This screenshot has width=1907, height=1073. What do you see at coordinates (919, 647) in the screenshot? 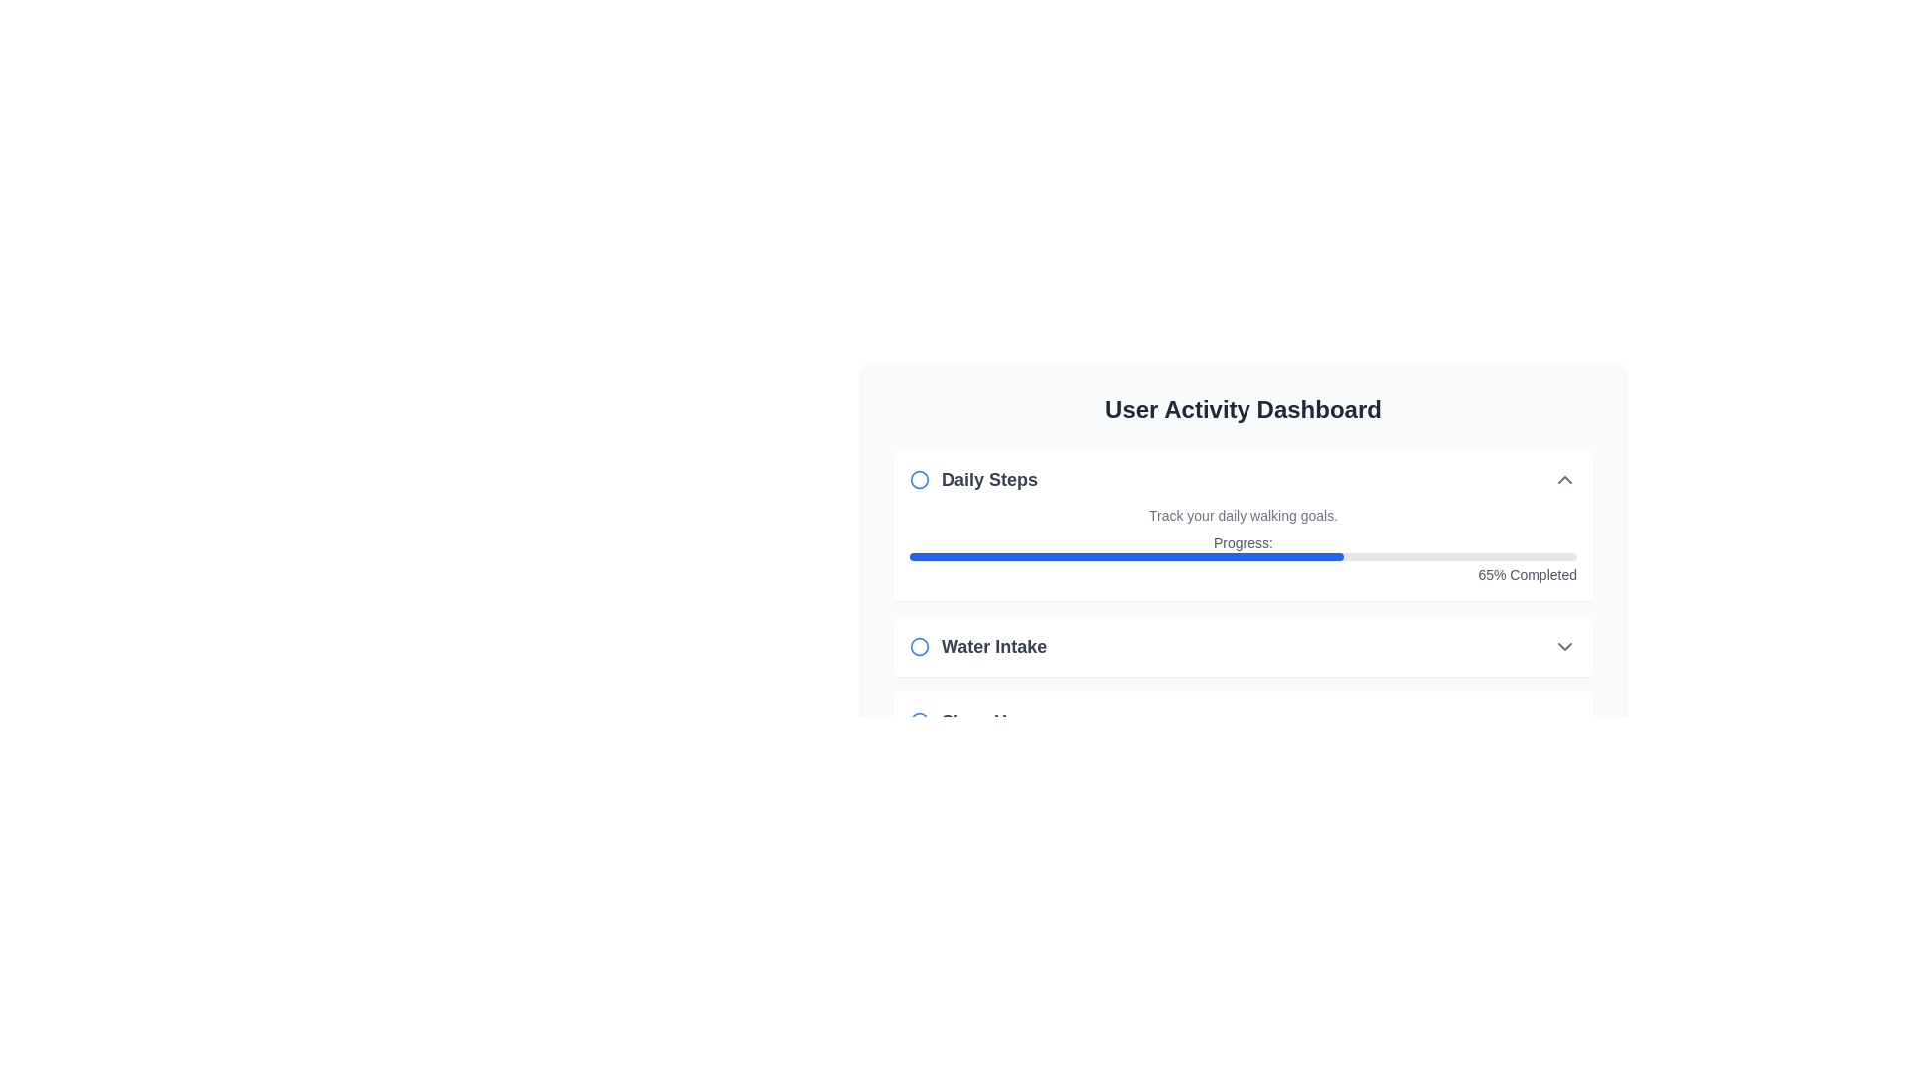
I see `the Circular graphical indicator (SVG element) located next to the 'Water Intake' text label in the 'User Activity Dashboard'` at bounding box center [919, 647].